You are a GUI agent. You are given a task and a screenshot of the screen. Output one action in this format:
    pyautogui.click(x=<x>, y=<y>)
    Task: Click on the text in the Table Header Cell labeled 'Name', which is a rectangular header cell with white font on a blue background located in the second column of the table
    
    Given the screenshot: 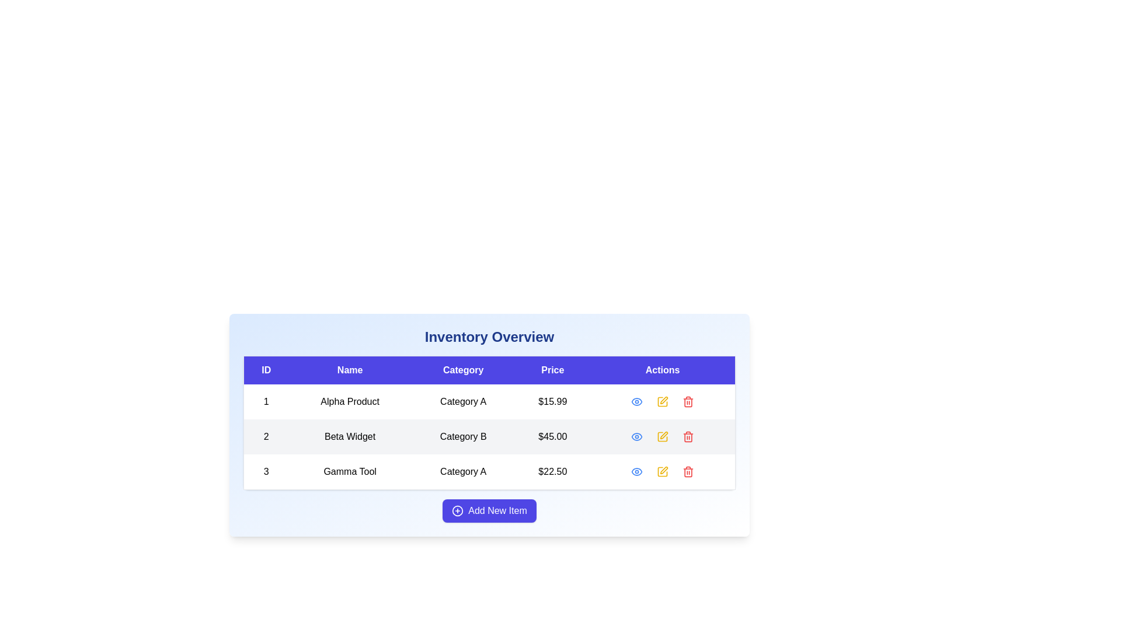 What is the action you would take?
    pyautogui.click(x=349, y=370)
    